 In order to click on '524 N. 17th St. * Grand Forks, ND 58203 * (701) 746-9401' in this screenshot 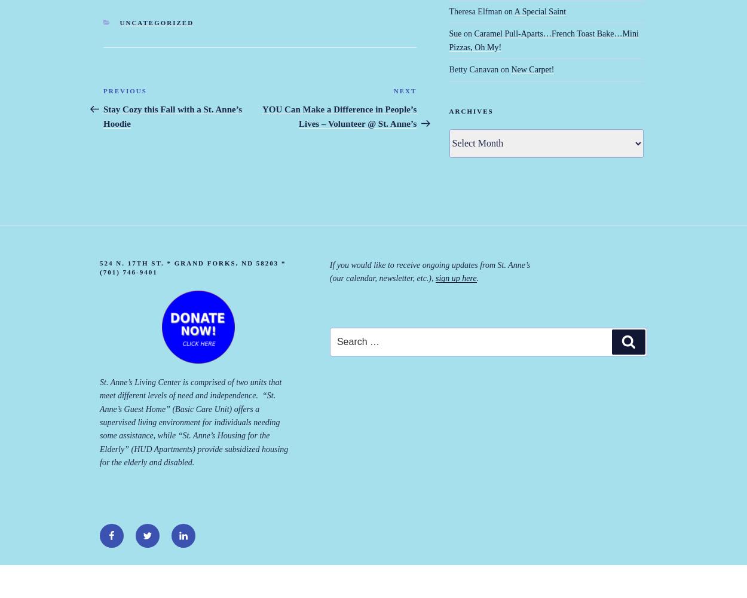, I will do `click(192, 267)`.